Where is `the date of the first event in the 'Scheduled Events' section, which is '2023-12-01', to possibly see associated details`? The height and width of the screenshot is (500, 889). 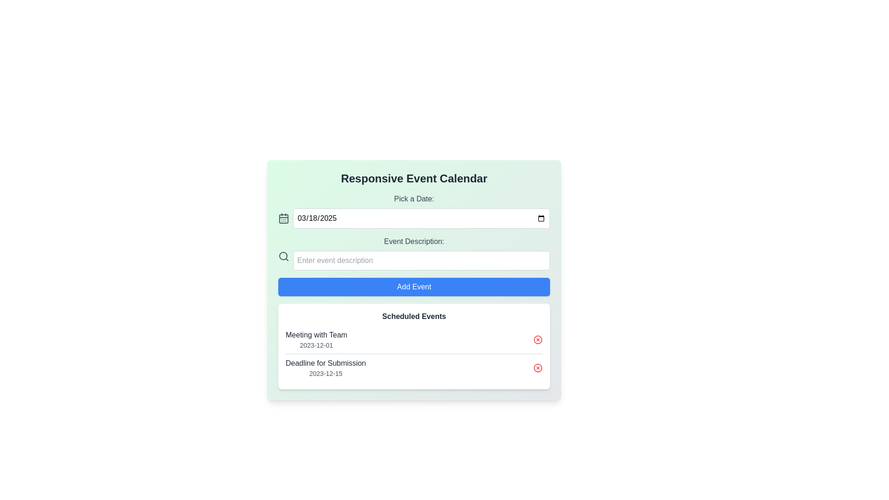
the date of the first event in the 'Scheduled Events' section, which is '2023-12-01', to possibly see associated details is located at coordinates (413, 339).